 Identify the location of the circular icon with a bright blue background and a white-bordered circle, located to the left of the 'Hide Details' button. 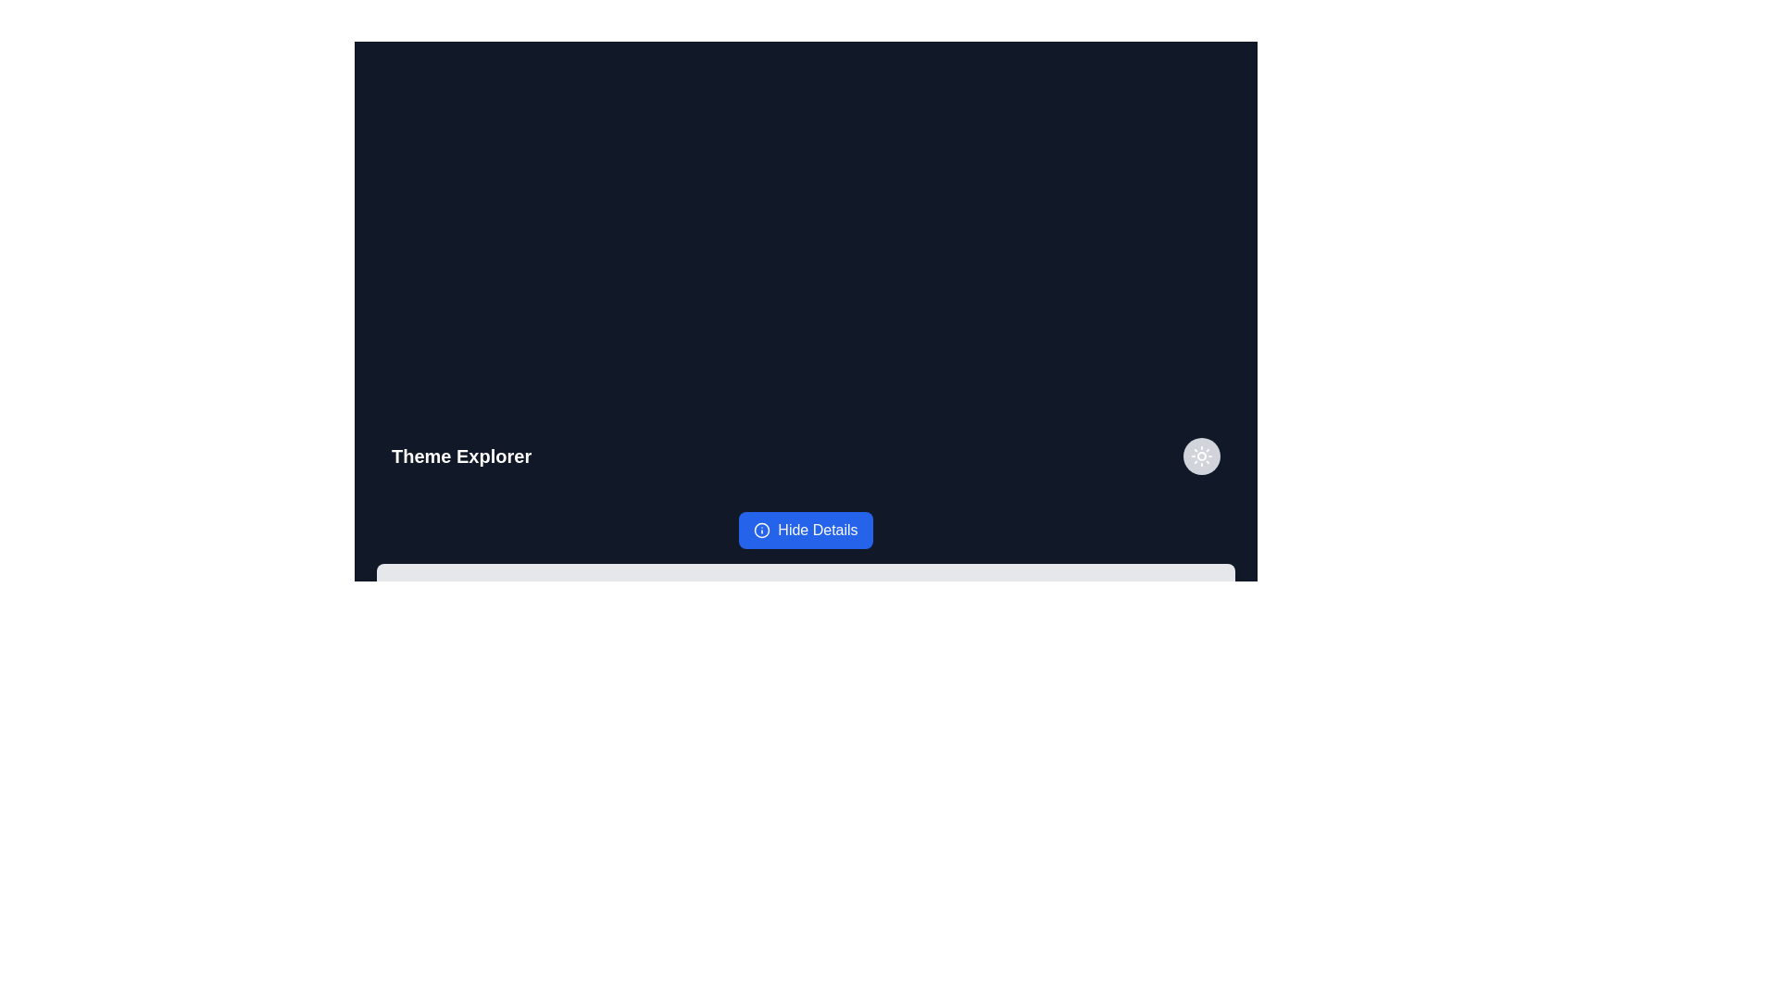
(762, 531).